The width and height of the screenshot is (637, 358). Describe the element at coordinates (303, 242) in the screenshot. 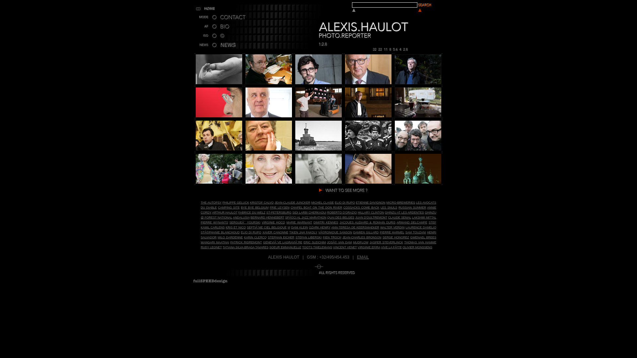

I see `'ERIC SLEICHIM'` at that location.